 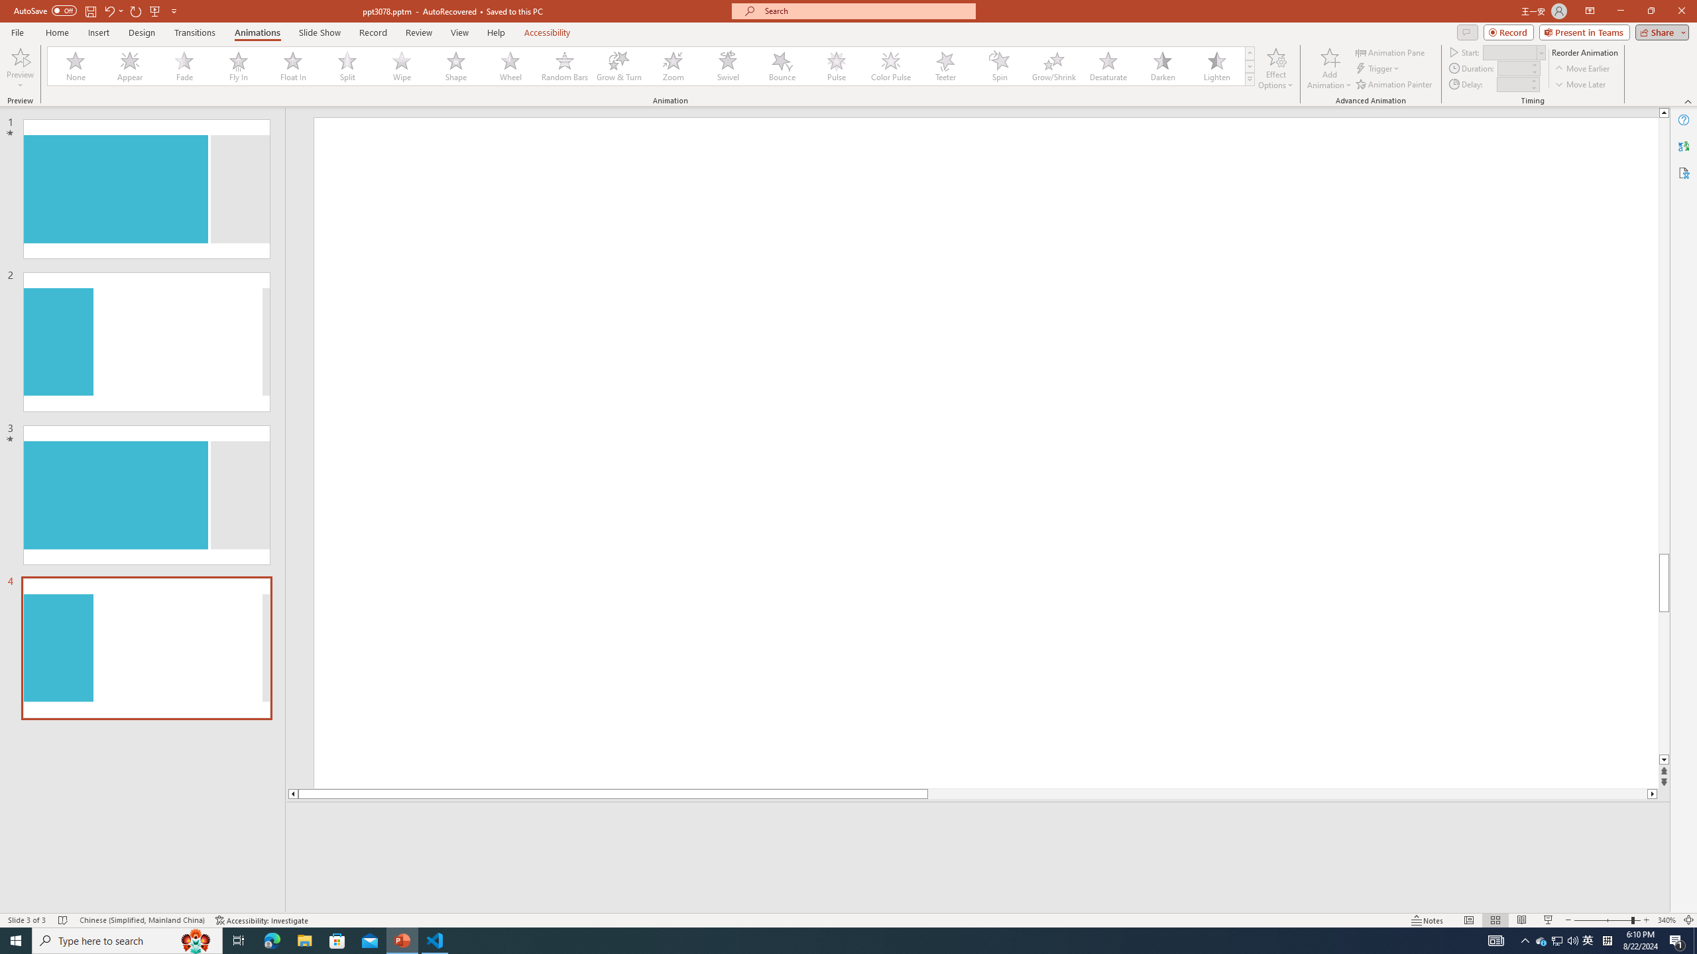 I want to click on 'Collapse the Ribbon', so click(x=1688, y=101).